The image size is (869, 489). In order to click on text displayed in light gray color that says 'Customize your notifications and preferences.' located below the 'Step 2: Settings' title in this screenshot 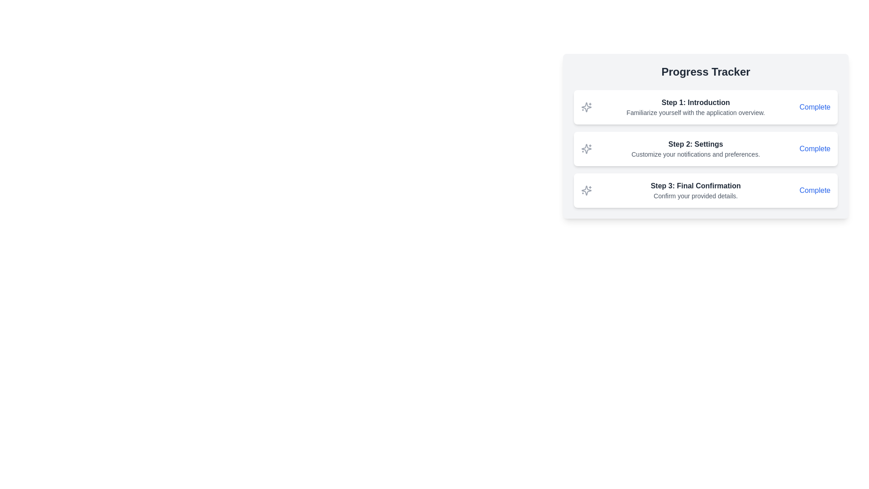, I will do `click(695, 153)`.